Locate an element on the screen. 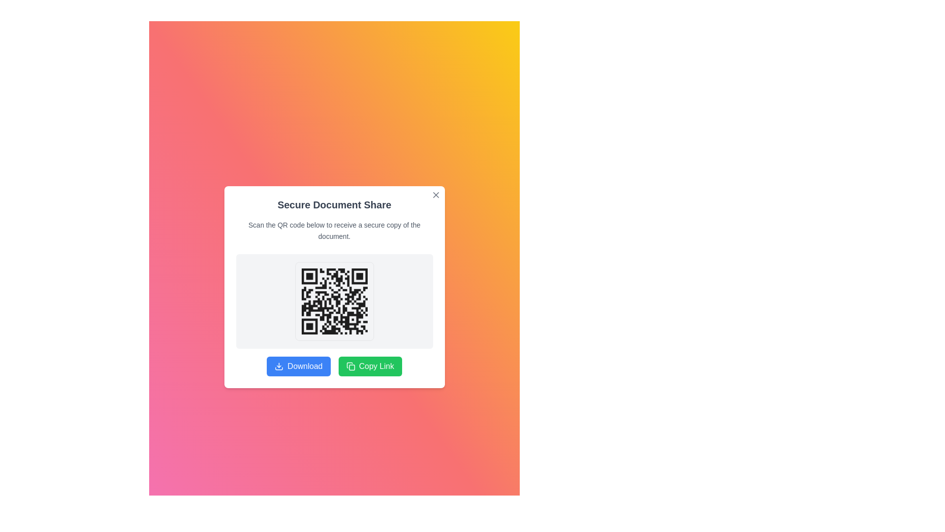 The image size is (945, 532). the small square-shaped close button with a gray 'X' icon in the top-right corner of the 'Secure Document Share' modal is located at coordinates (435, 195).